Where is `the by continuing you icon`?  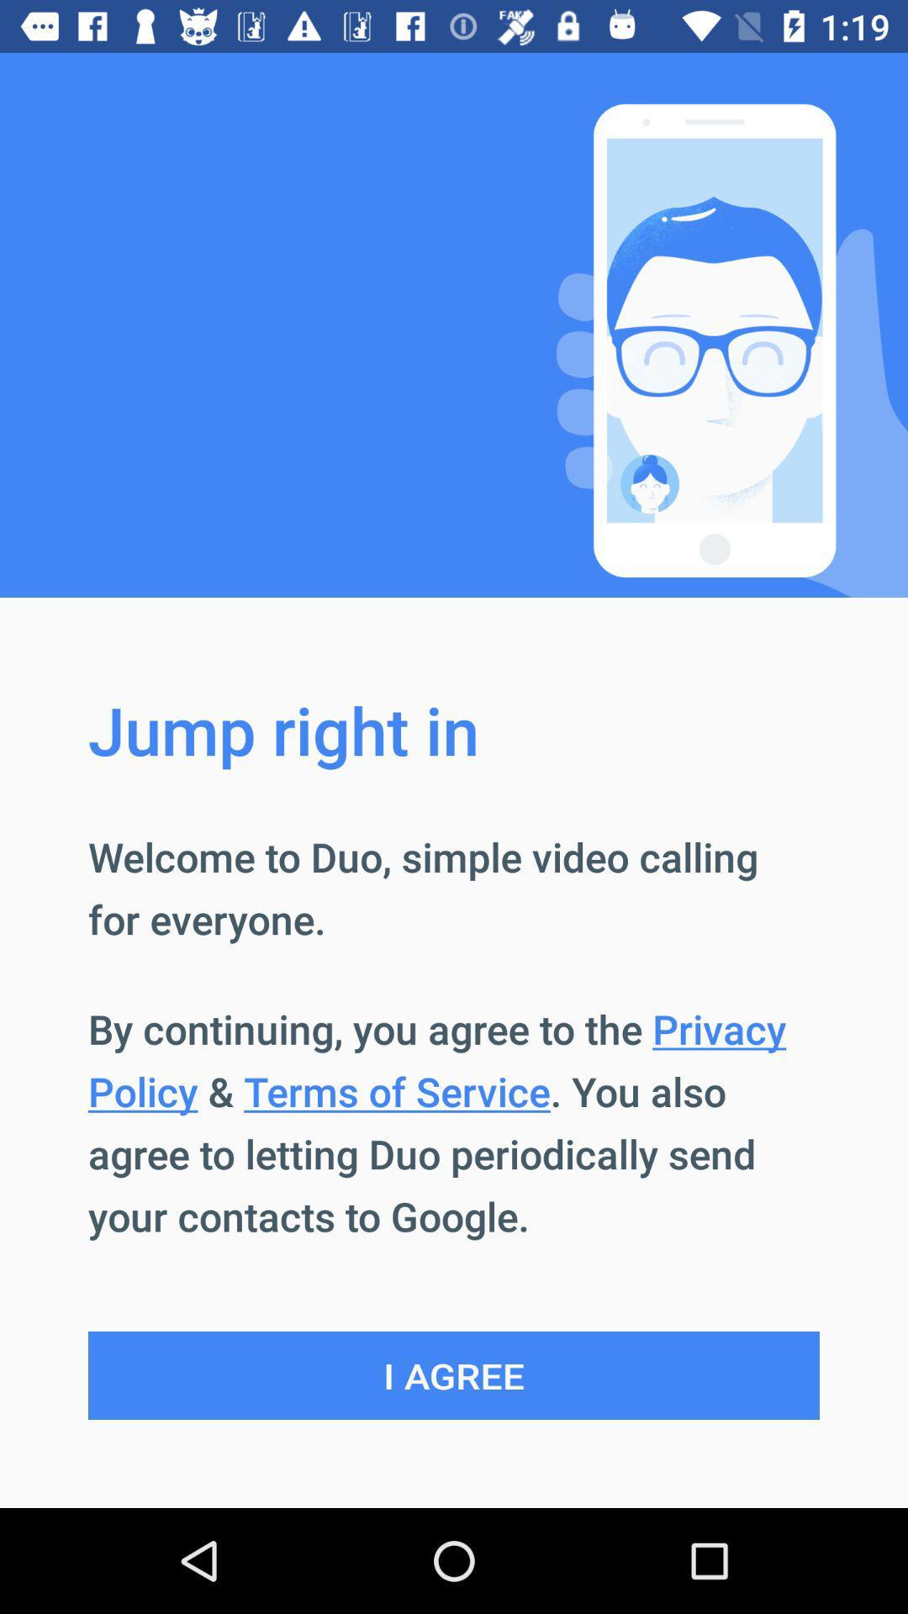
the by continuing you icon is located at coordinates (454, 1122).